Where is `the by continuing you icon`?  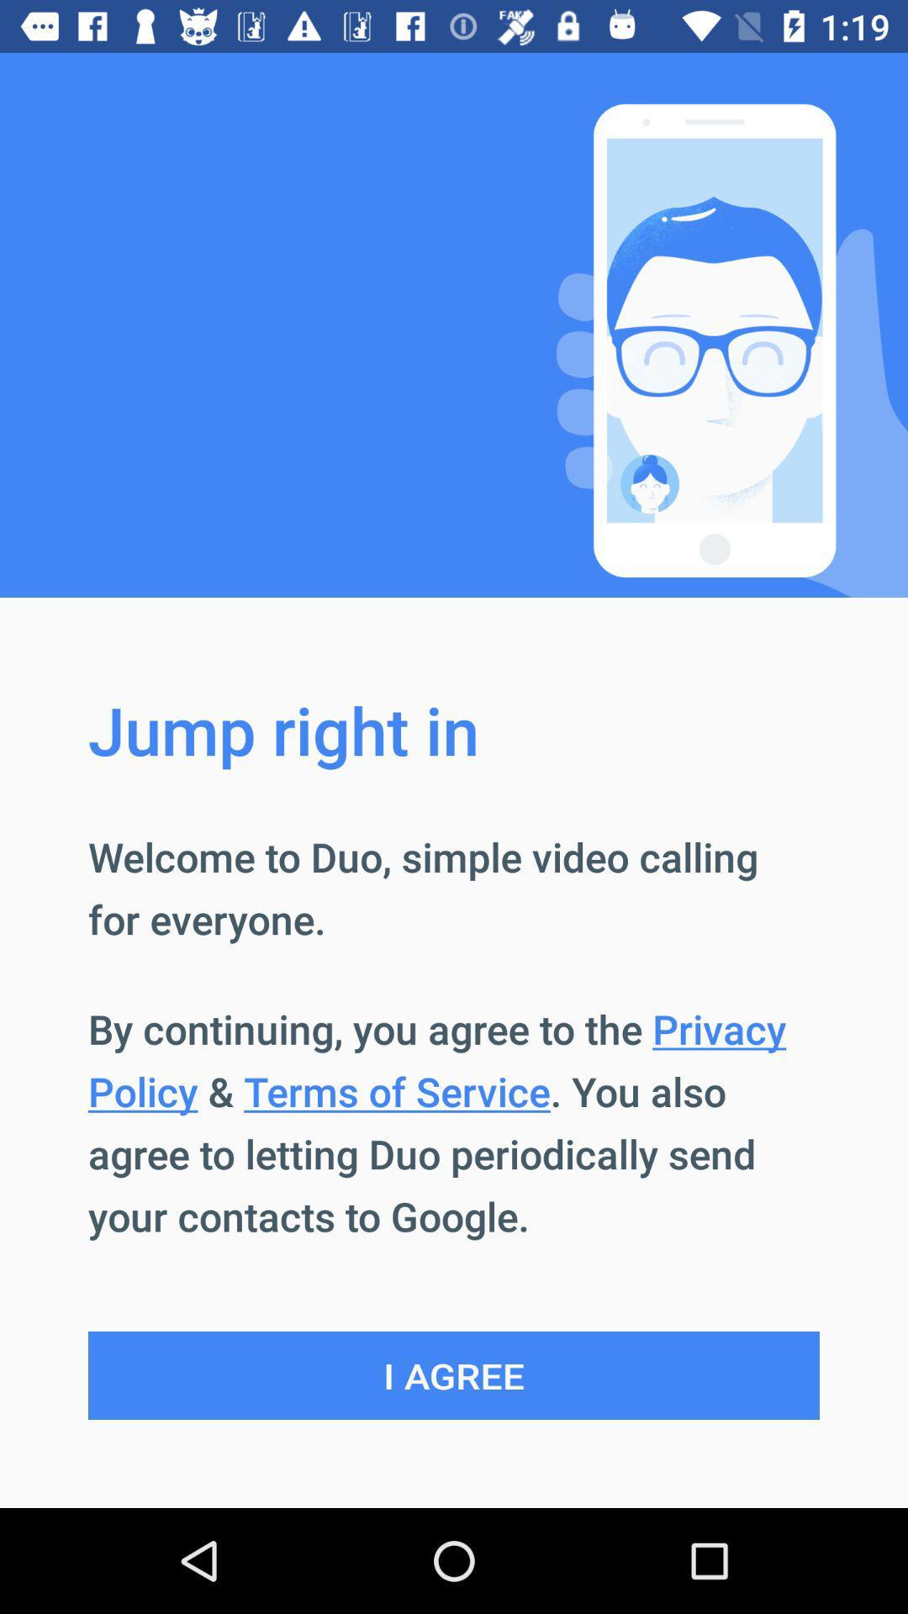
the by continuing you icon is located at coordinates (454, 1122).